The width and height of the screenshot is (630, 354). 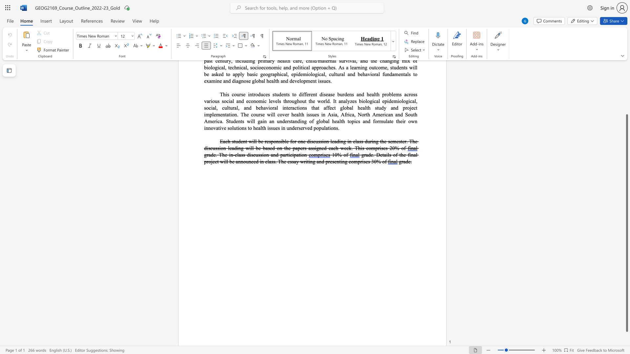 I want to click on the scrollbar to scroll the page up, so click(x=626, y=92).